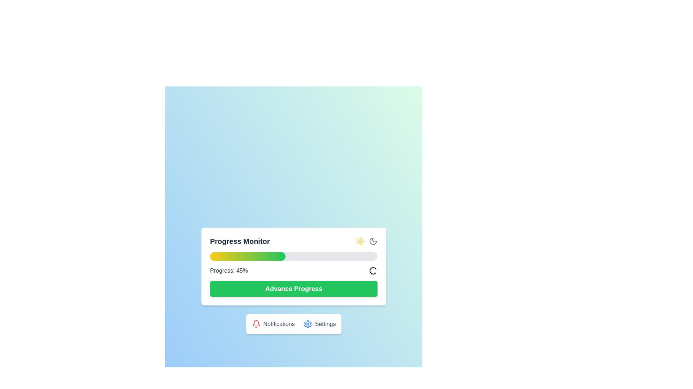  What do you see at coordinates (373, 241) in the screenshot?
I see `the moon icon located in the top-right corner of the white panel labeled 'Progress Monitor'` at bounding box center [373, 241].